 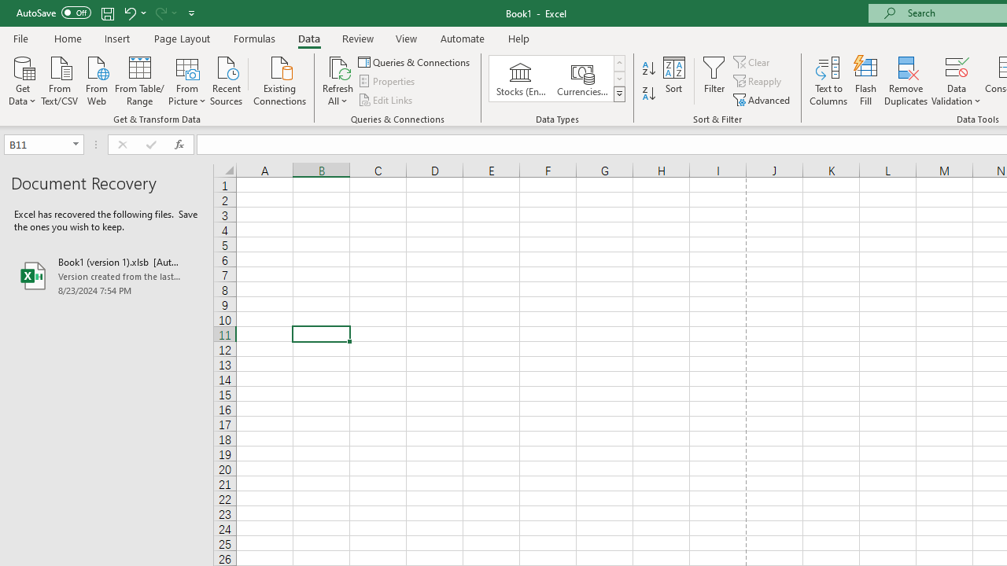 What do you see at coordinates (254, 38) in the screenshot?
I see `'Formulas'` at bounding box center [254, 38].